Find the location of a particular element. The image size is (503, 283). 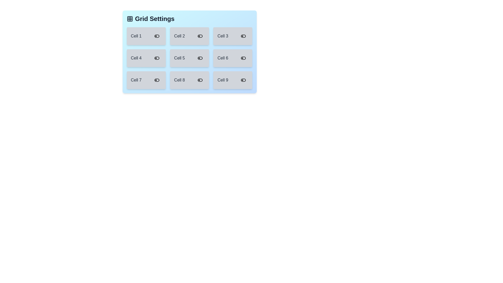

the header section to interact with it is located at coordinates (189, 19).